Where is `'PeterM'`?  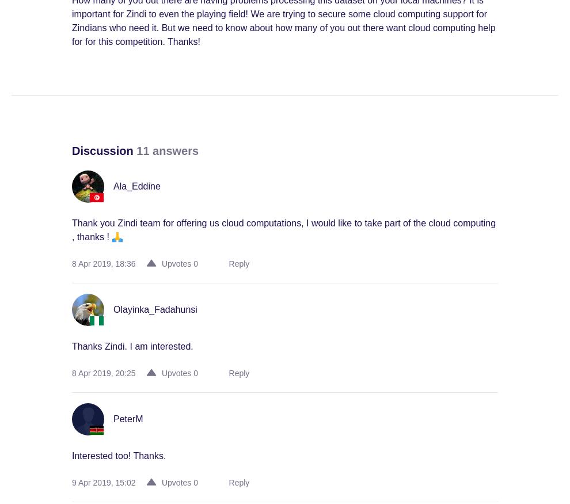
'PeterM' is located at coordinates (127, 419).